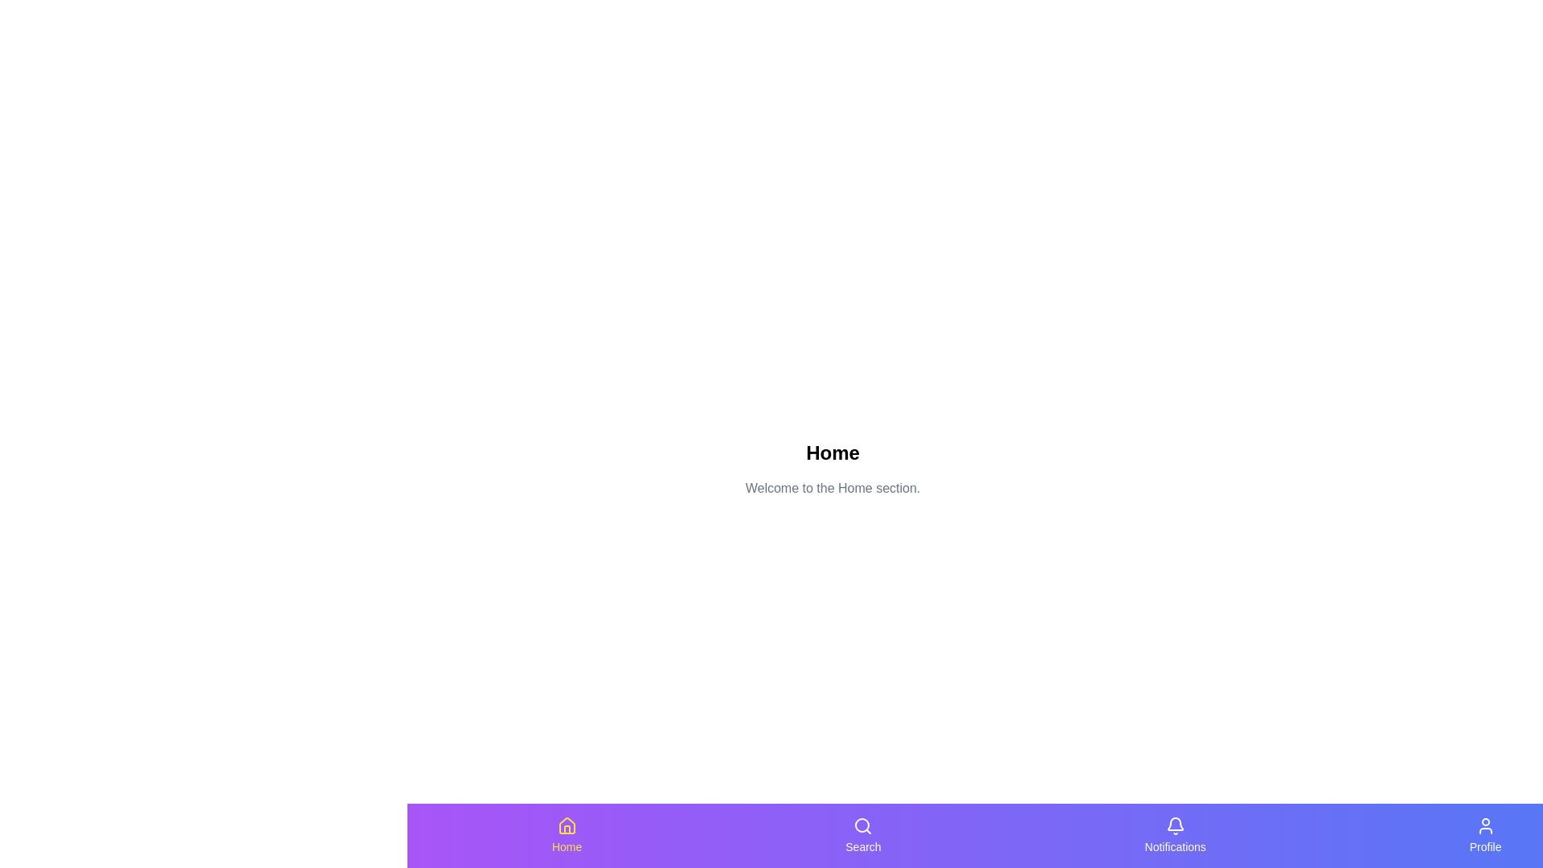 The width and height of the screenshot is (1543, 868). Describe the element at coordinates (1484, 845) in the screenshot. I see `text of the label located at the bottom right corner of the interface, which describes a navigation option for the user account section` at that location.